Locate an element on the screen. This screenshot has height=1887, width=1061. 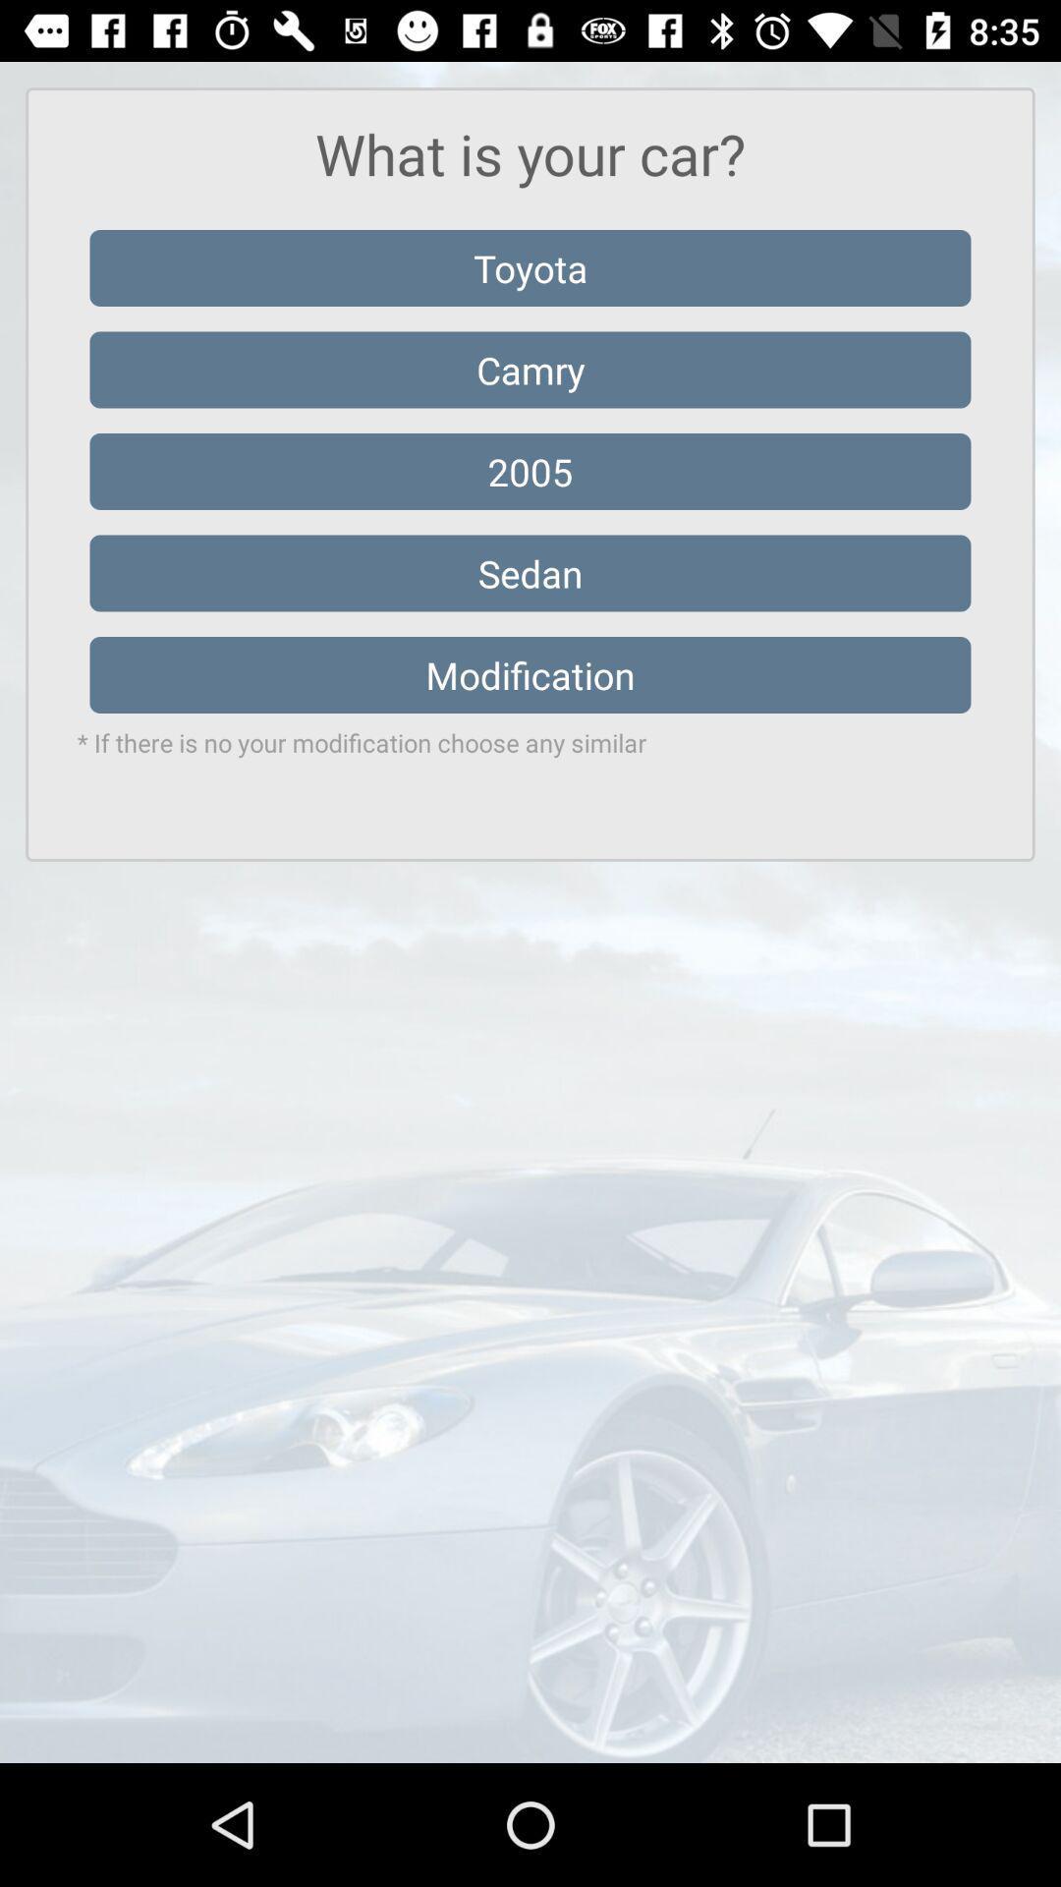
2005 is located at coordinates (530, 472).